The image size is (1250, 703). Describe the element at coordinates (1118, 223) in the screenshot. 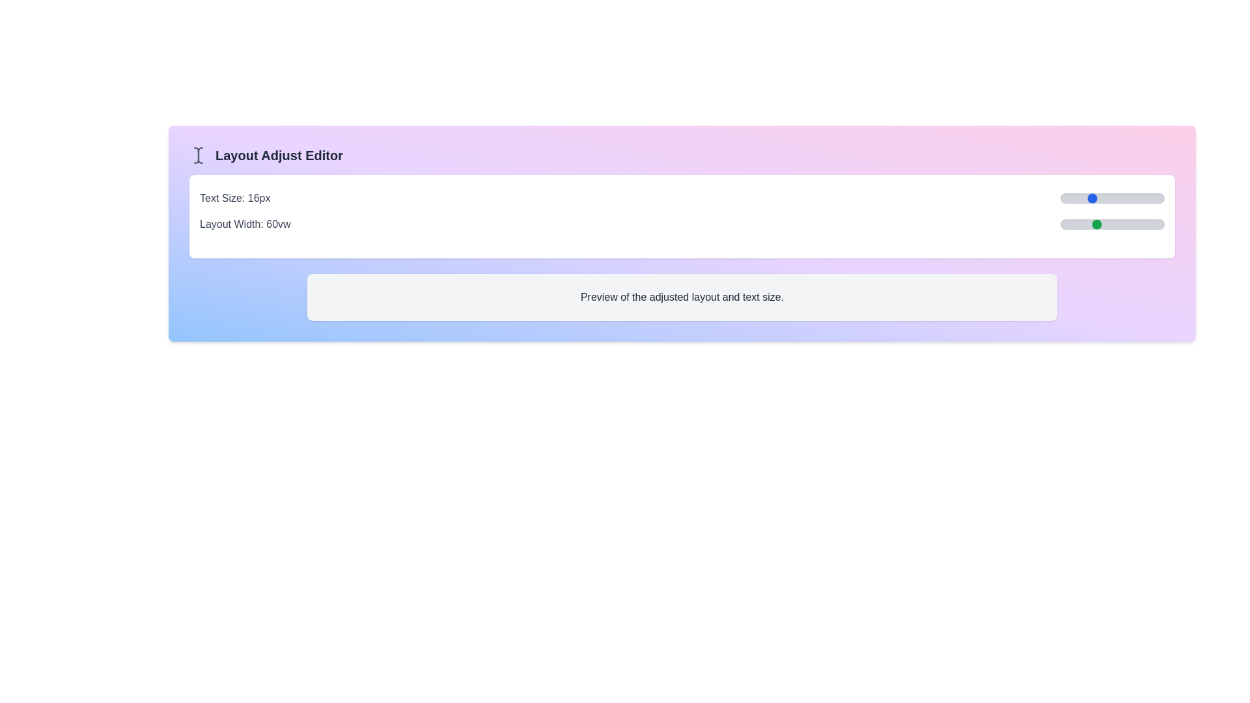

I see `the layout width` at that location.